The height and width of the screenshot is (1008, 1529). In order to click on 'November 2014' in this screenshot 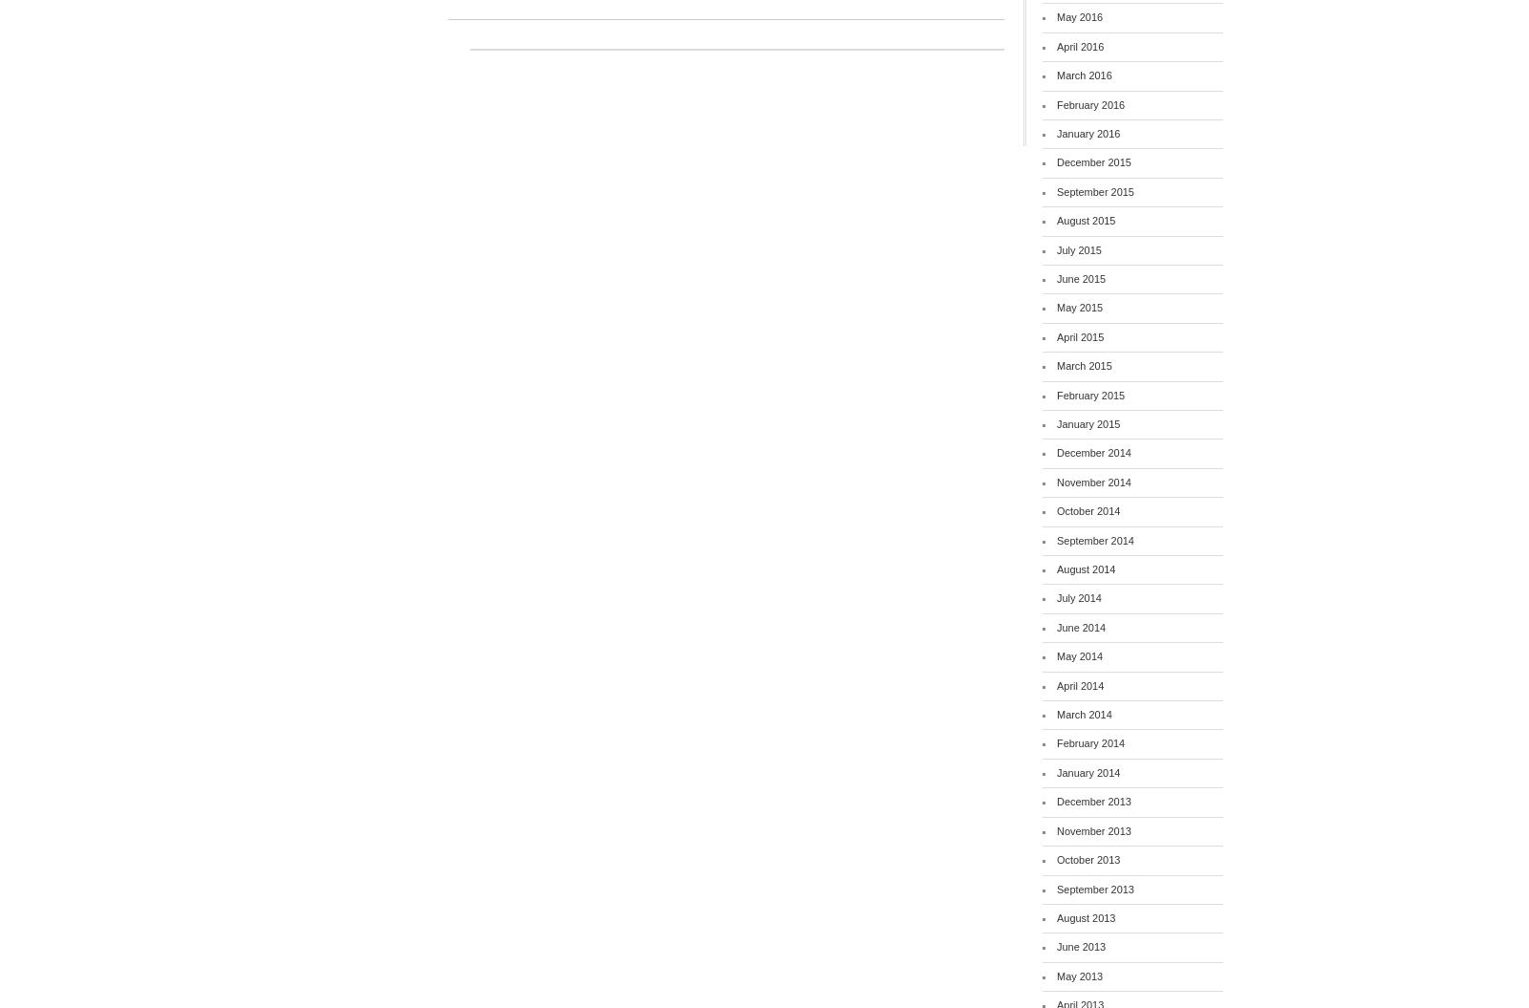, I will do `click(1093, 481)`.